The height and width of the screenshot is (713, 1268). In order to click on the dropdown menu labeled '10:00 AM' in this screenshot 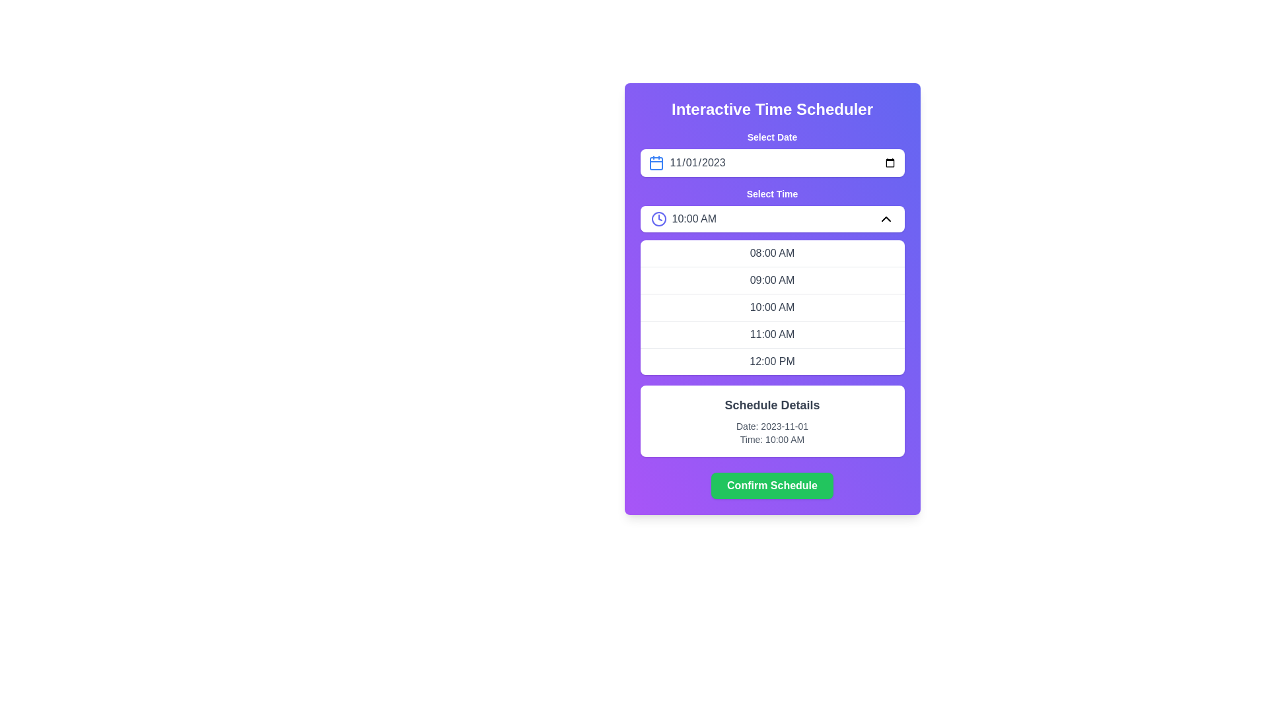, I will do `click(772, 218)`.